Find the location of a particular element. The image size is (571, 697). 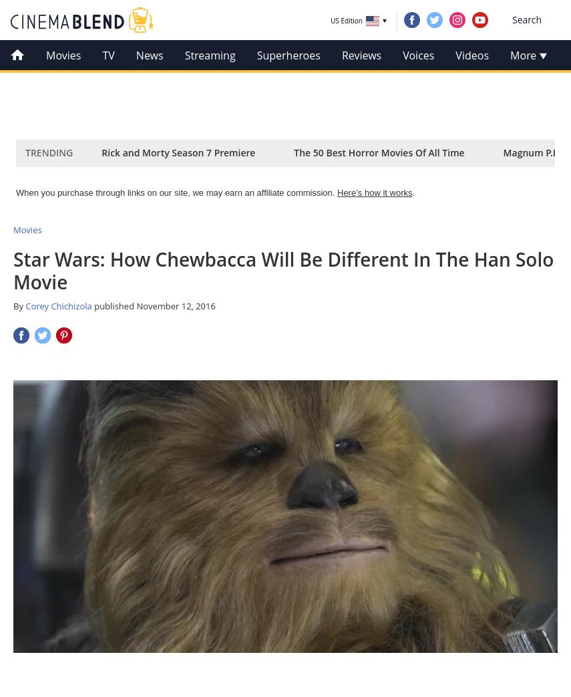

'Reviews' is located at coordinates (361, 55).